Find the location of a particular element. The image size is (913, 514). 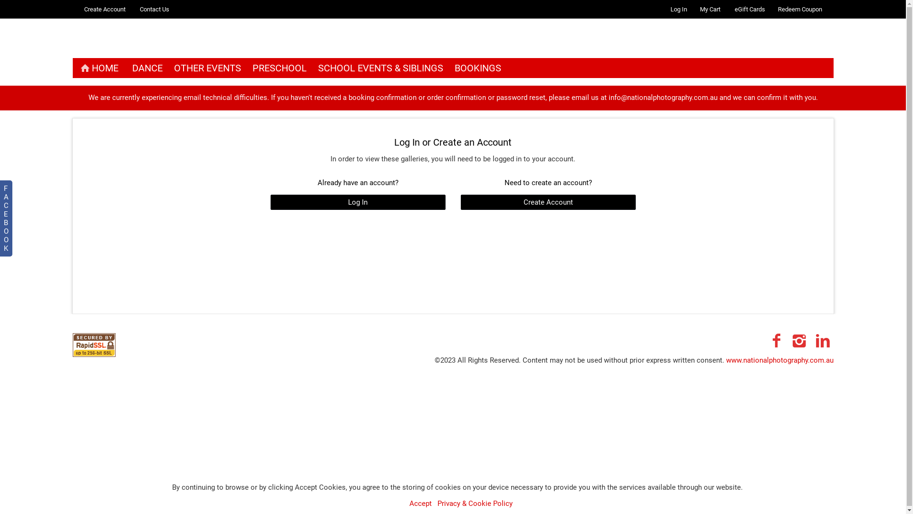

'www.nationalphotography.com.au' is located at coordinates (779, 360).